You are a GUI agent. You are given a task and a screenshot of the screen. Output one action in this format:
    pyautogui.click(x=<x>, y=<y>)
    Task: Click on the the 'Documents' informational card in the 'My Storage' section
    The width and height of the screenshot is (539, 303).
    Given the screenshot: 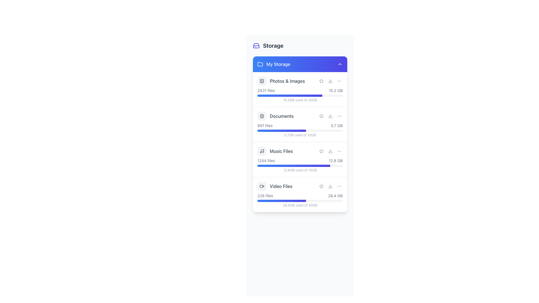 What is the action you would take?
    pyautogui.click(x=300, y=124)
    